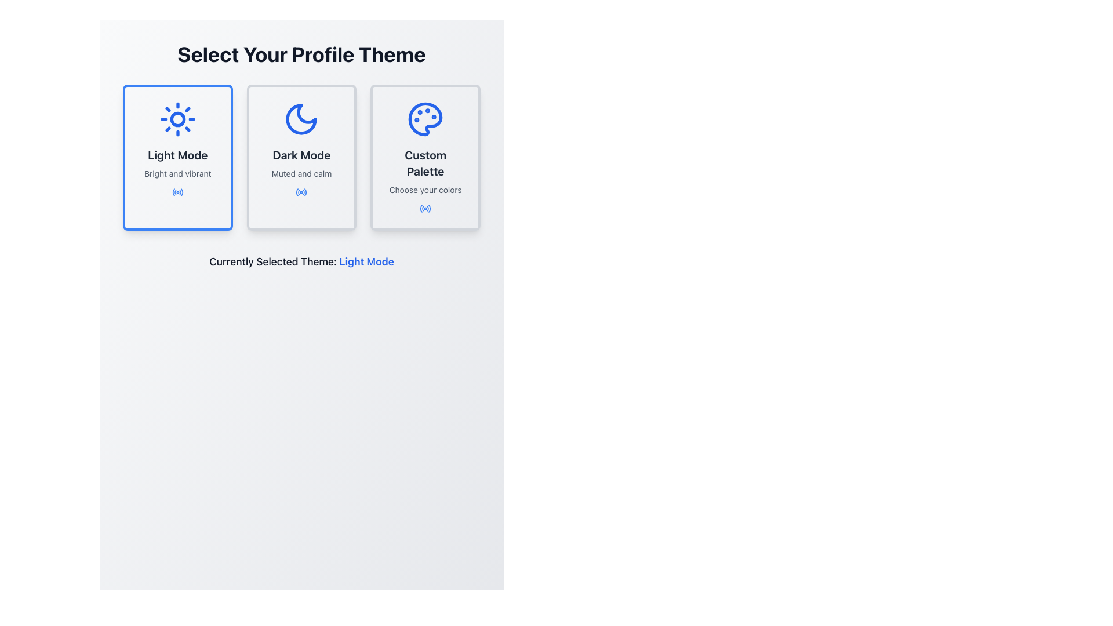 Image resolution: width=1113 pixels, height=626 pixels. I want to click on the blue sun-shaped icon located at the top center of the 'Light Mode' card, which features a circular center and rays extending outward, so click(177, 119).